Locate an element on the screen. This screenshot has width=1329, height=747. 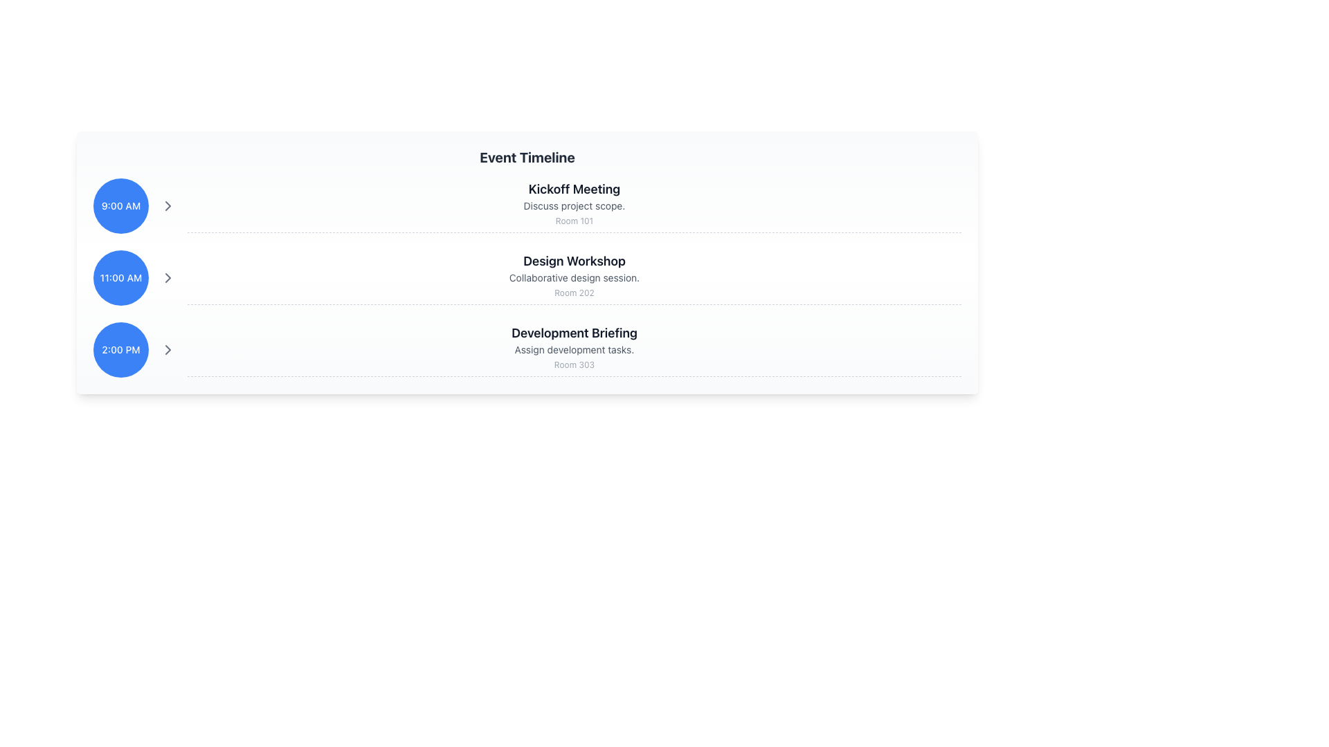
the third chevron icon in the vertical list next to the 'Development Briefing' event at 2:00 PM to indicate interactivity is located at coordinates (168, 349).